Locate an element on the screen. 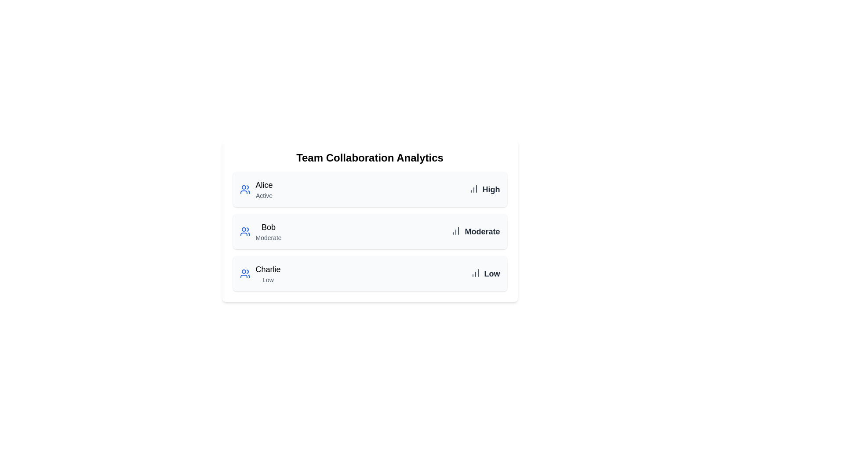 This screenshot has height=474, width=844. the user item Bob from the list is located at coordinates (260, 231).